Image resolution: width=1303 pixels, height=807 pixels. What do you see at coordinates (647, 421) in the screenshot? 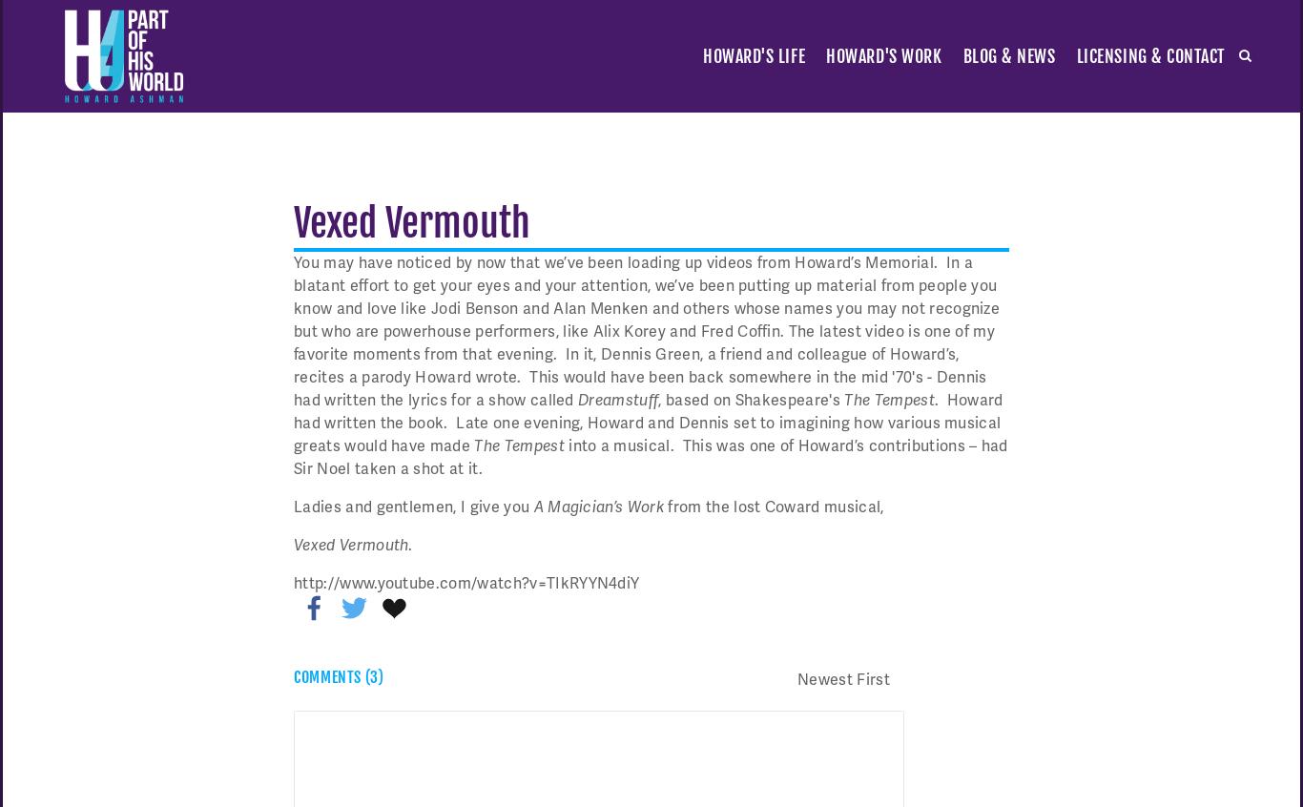
I see `'.  Howard had written the book.  Late one evening, Howard and Dennis set to imagining how various musical greats would have made'` at bounding box center [647, 421].